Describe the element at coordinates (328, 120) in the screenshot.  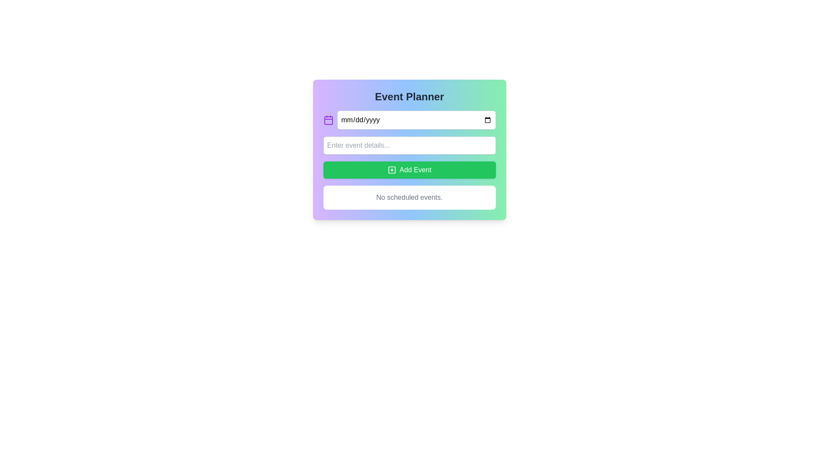
I see `the calendar icon located to the left of the date input box labeled 'mm/dd/yyyy'` at that location.